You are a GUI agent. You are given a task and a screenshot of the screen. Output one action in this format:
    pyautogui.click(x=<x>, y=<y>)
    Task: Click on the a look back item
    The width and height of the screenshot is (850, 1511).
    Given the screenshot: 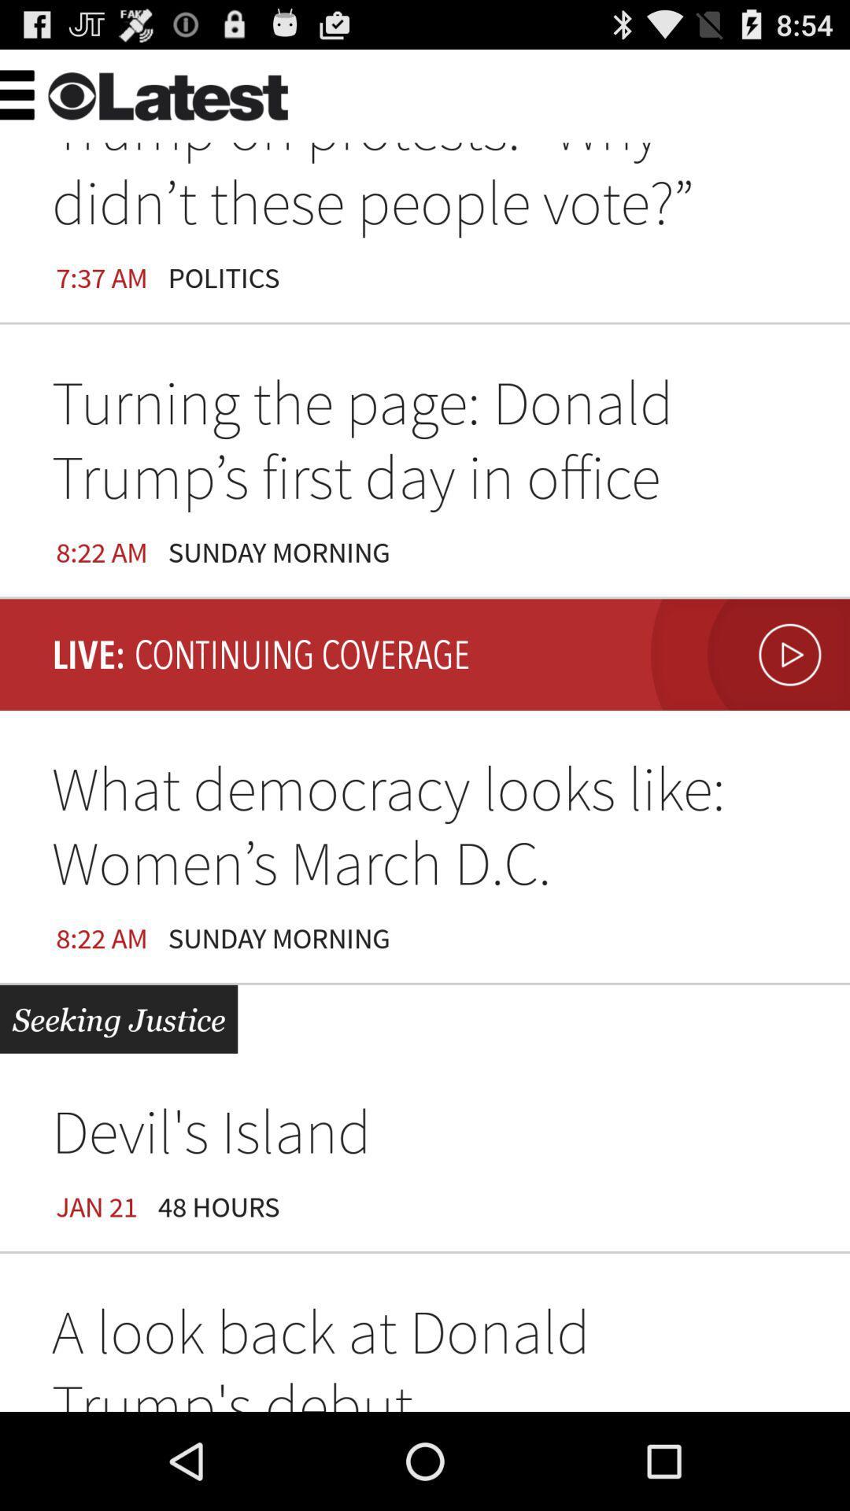 What is the action you would take?
    pyautogui.click(x=425, y=1352)
    